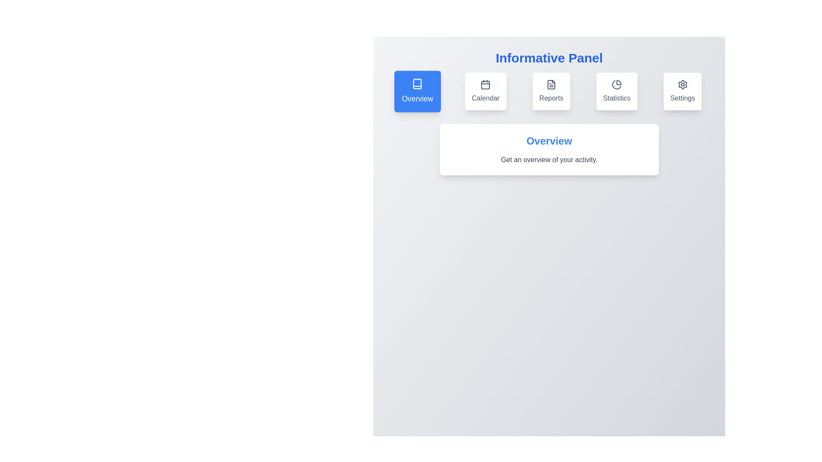  Describe the element at coordinates (551, 98) in the screenshot. I see `text content of the 'Reports' element, which is a medium-weight text displaying the word 'Reports' in a modern style, located in the navigation section beneath the 'Informative Panel'` at that location.